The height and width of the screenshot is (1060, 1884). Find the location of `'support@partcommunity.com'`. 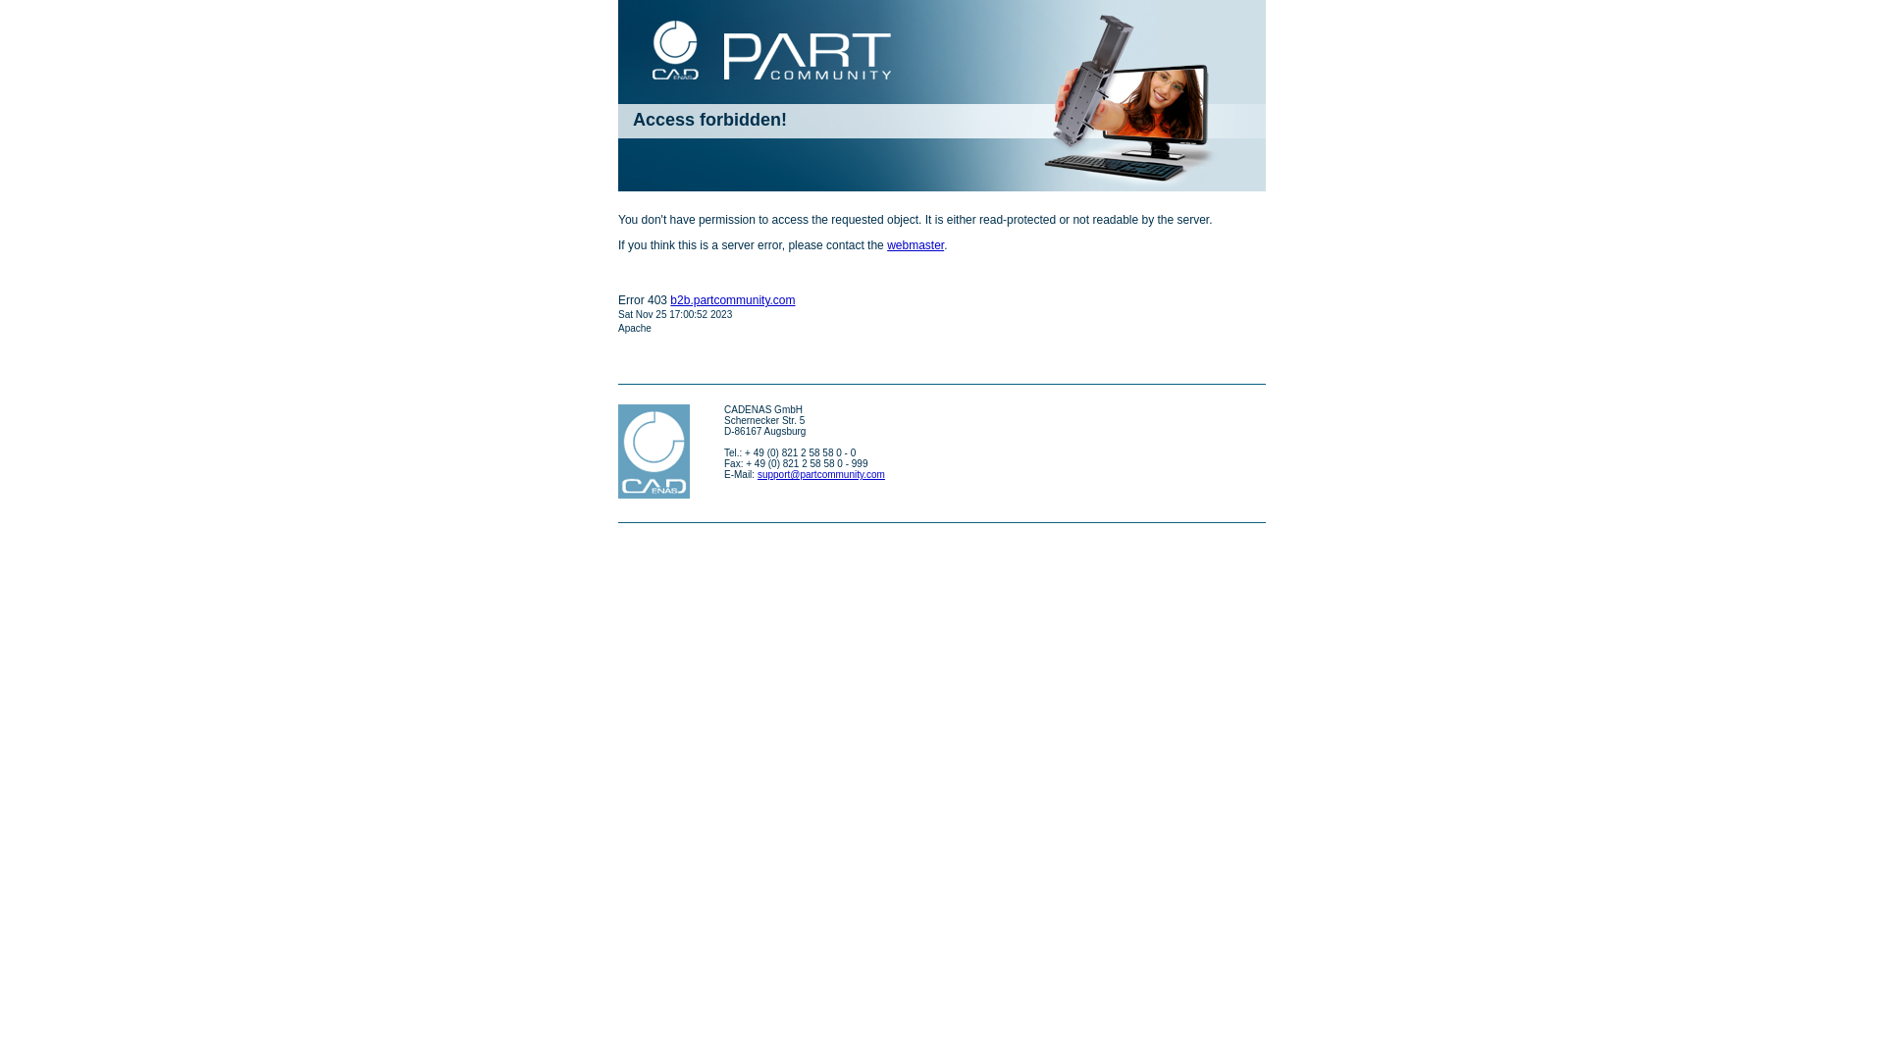

'support@partcommunity.com' is located at coordinates (820, 474).